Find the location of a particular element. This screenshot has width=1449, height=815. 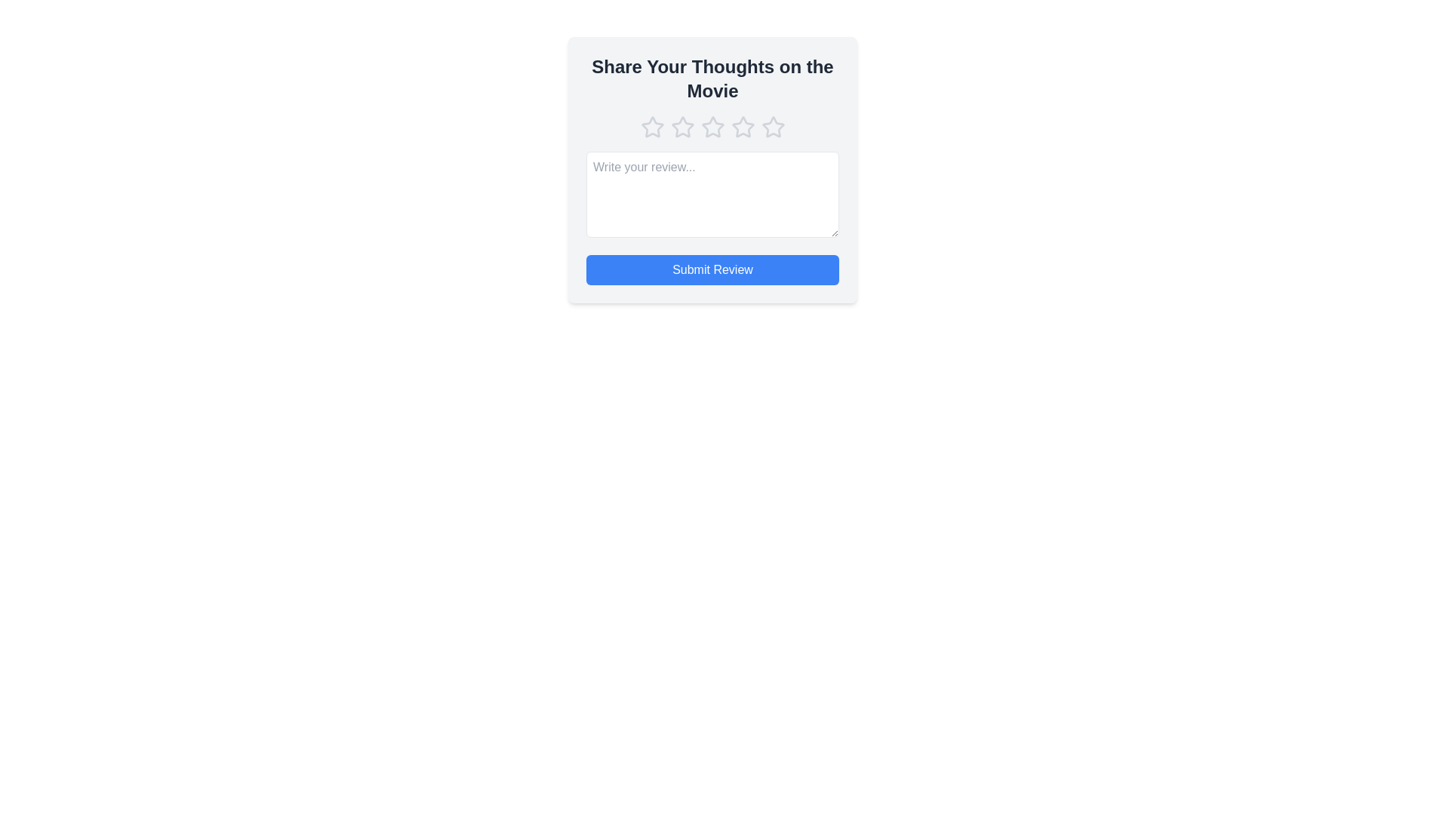

the interactive star icon for rating, which is the last star in a sequence of five stars located centrally in the review card interface is located at coordinates (773, 127).